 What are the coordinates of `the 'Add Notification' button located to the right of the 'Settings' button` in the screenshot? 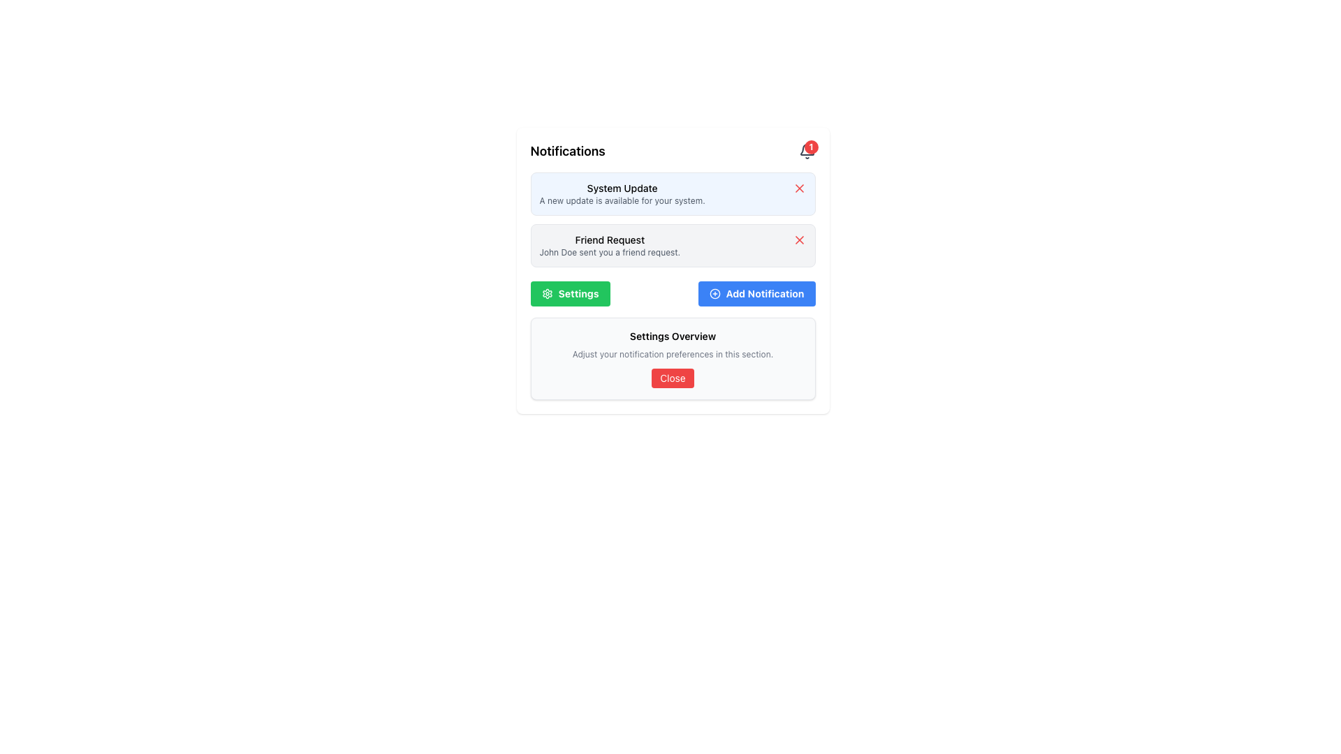 It's located at (756, 293).